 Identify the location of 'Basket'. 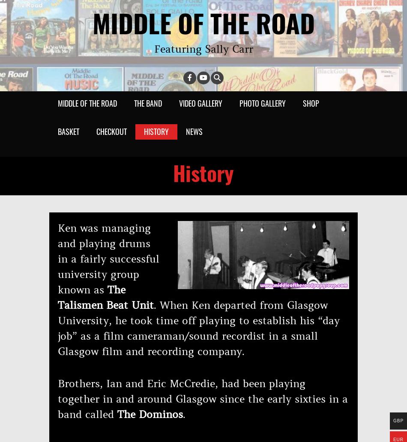
(68, 131).